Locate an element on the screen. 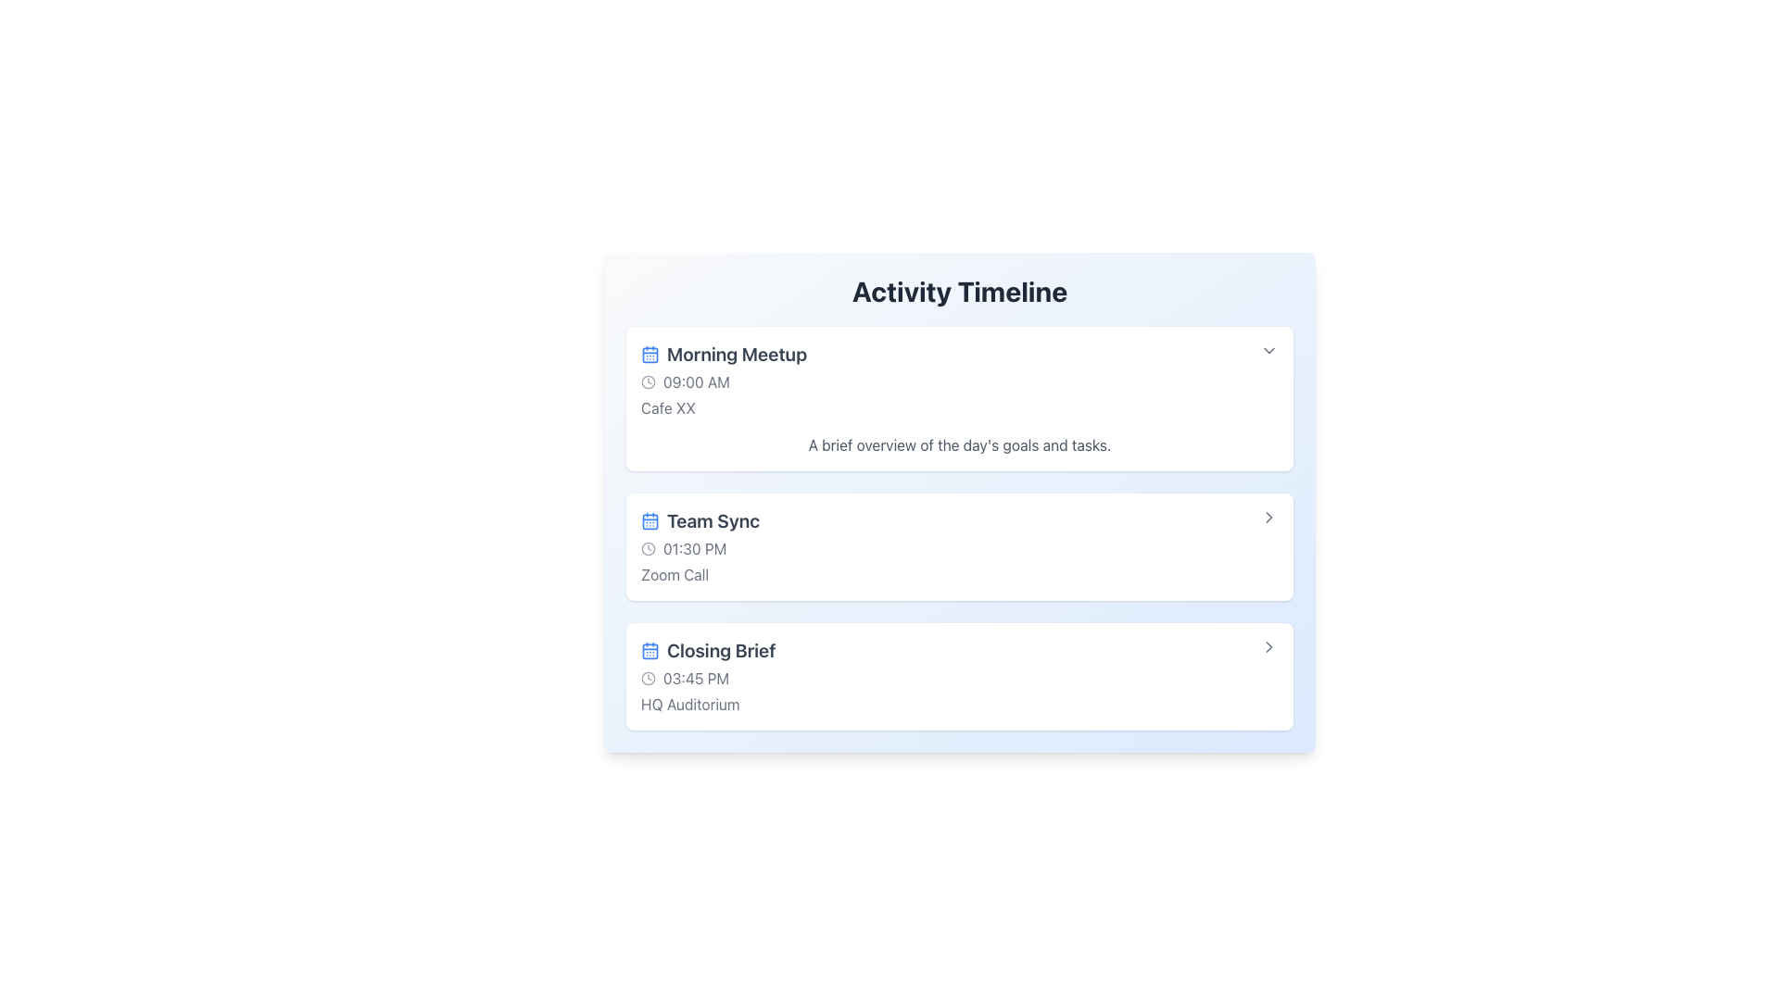 The height and width of the screenshot is (1000, 1779). the chevron icon located on the right edge of the 'Closing Brief' event box in the third item of the vertical list under the 'Activity Timeline' header is located at coordinates (1268, 645).